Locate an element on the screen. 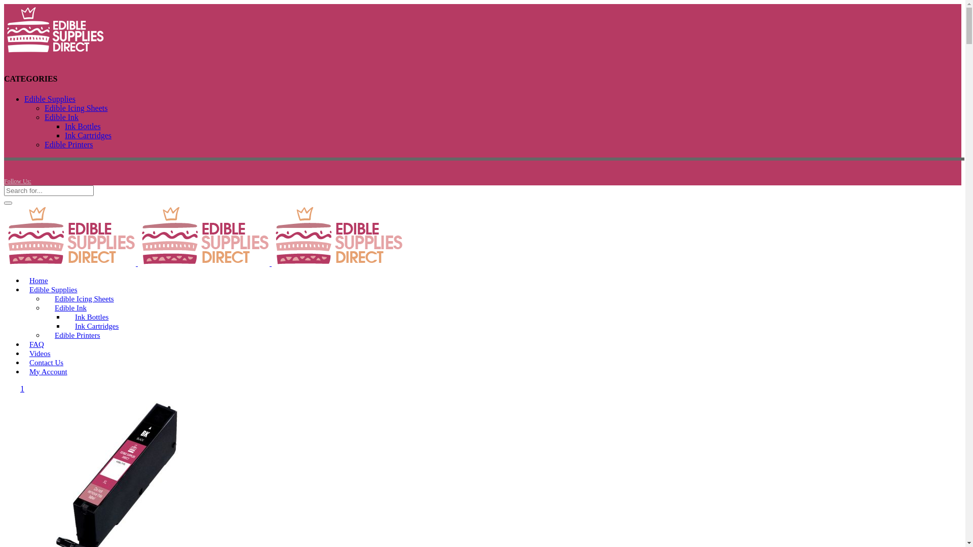  'Videos' is located at coordinates (40, 353).